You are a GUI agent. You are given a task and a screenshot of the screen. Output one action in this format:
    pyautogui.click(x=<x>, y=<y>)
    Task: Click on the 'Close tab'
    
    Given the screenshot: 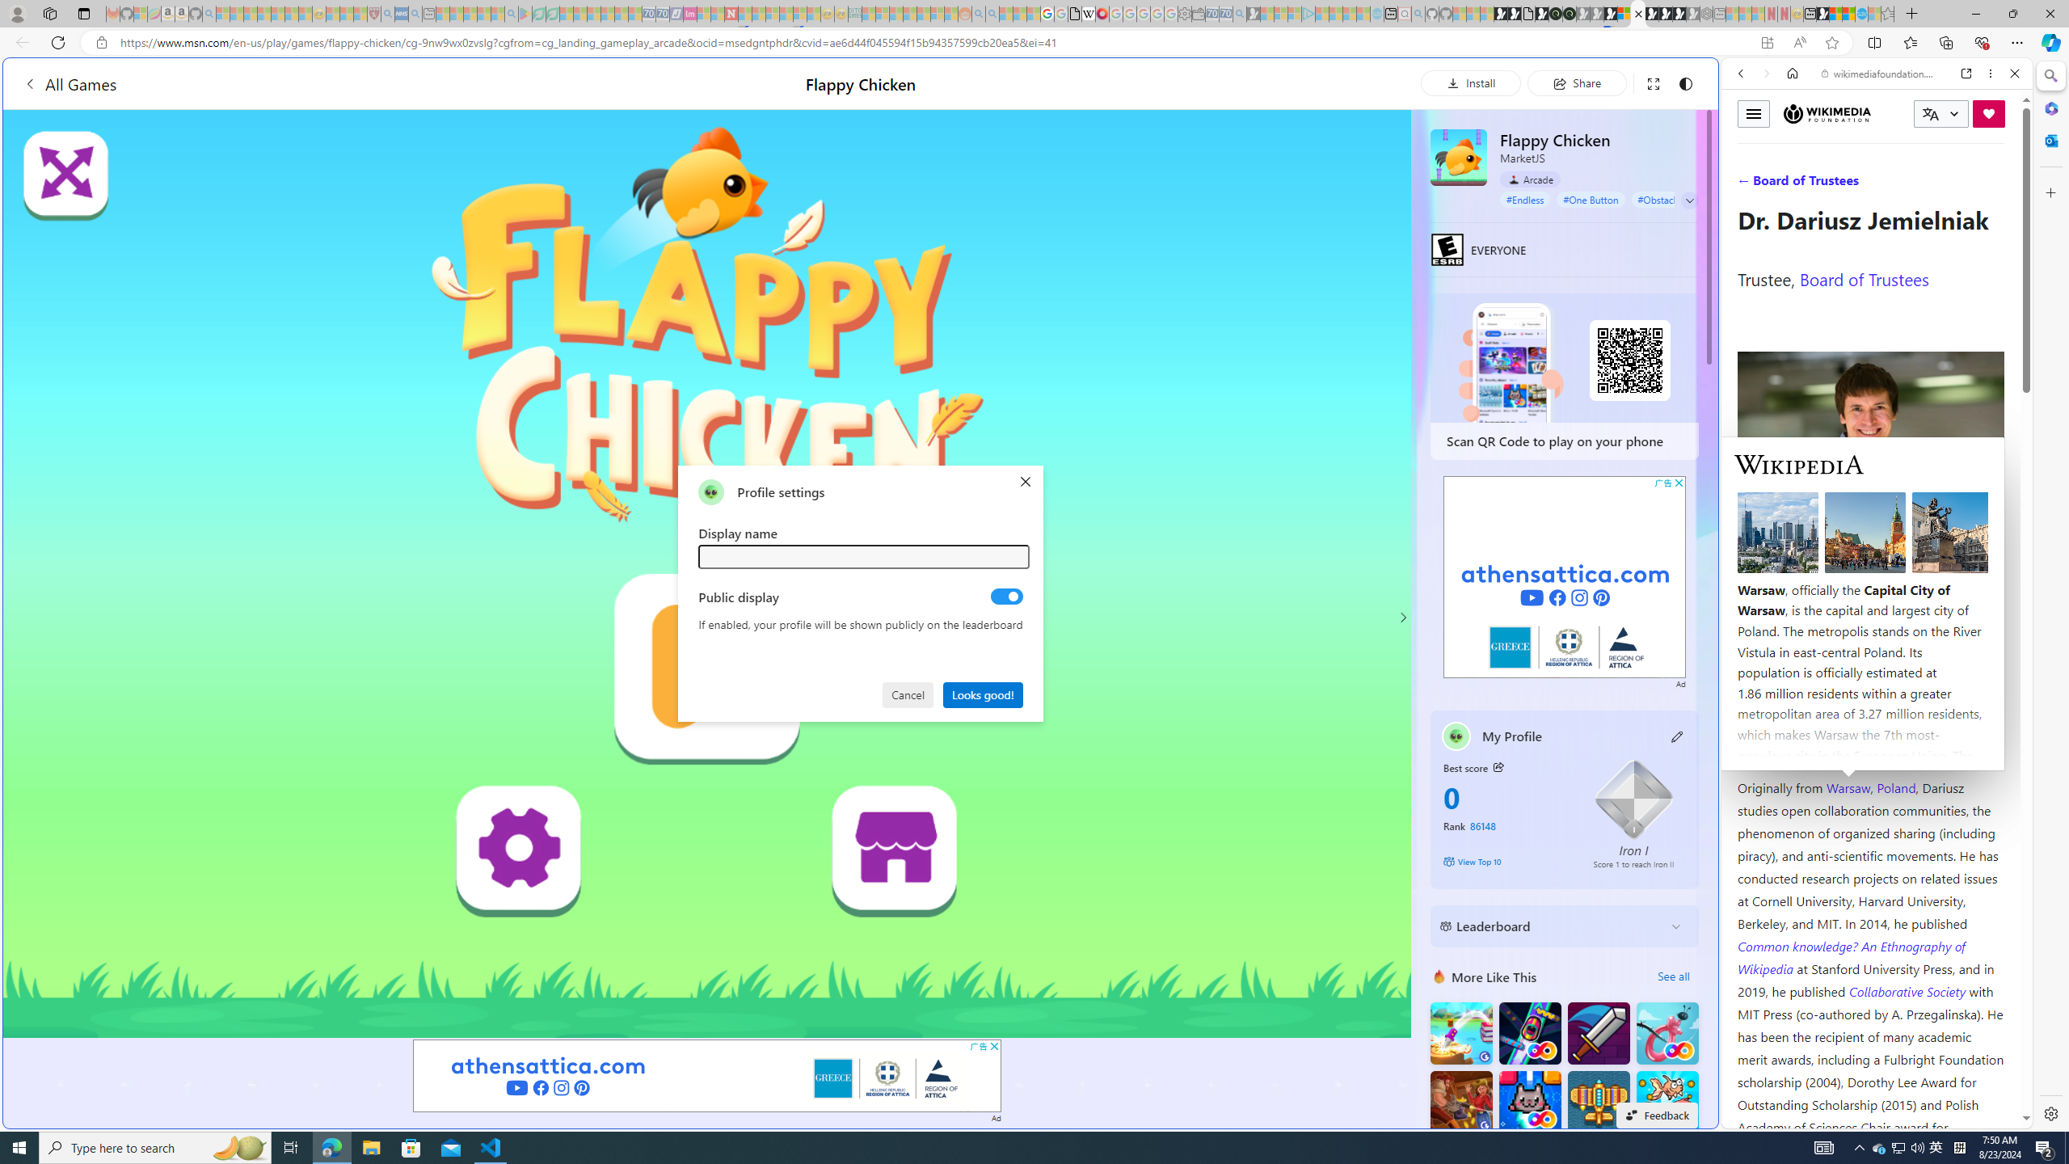 What is the action you would take?
    pyautogui.click(x=1637, y=13)
    